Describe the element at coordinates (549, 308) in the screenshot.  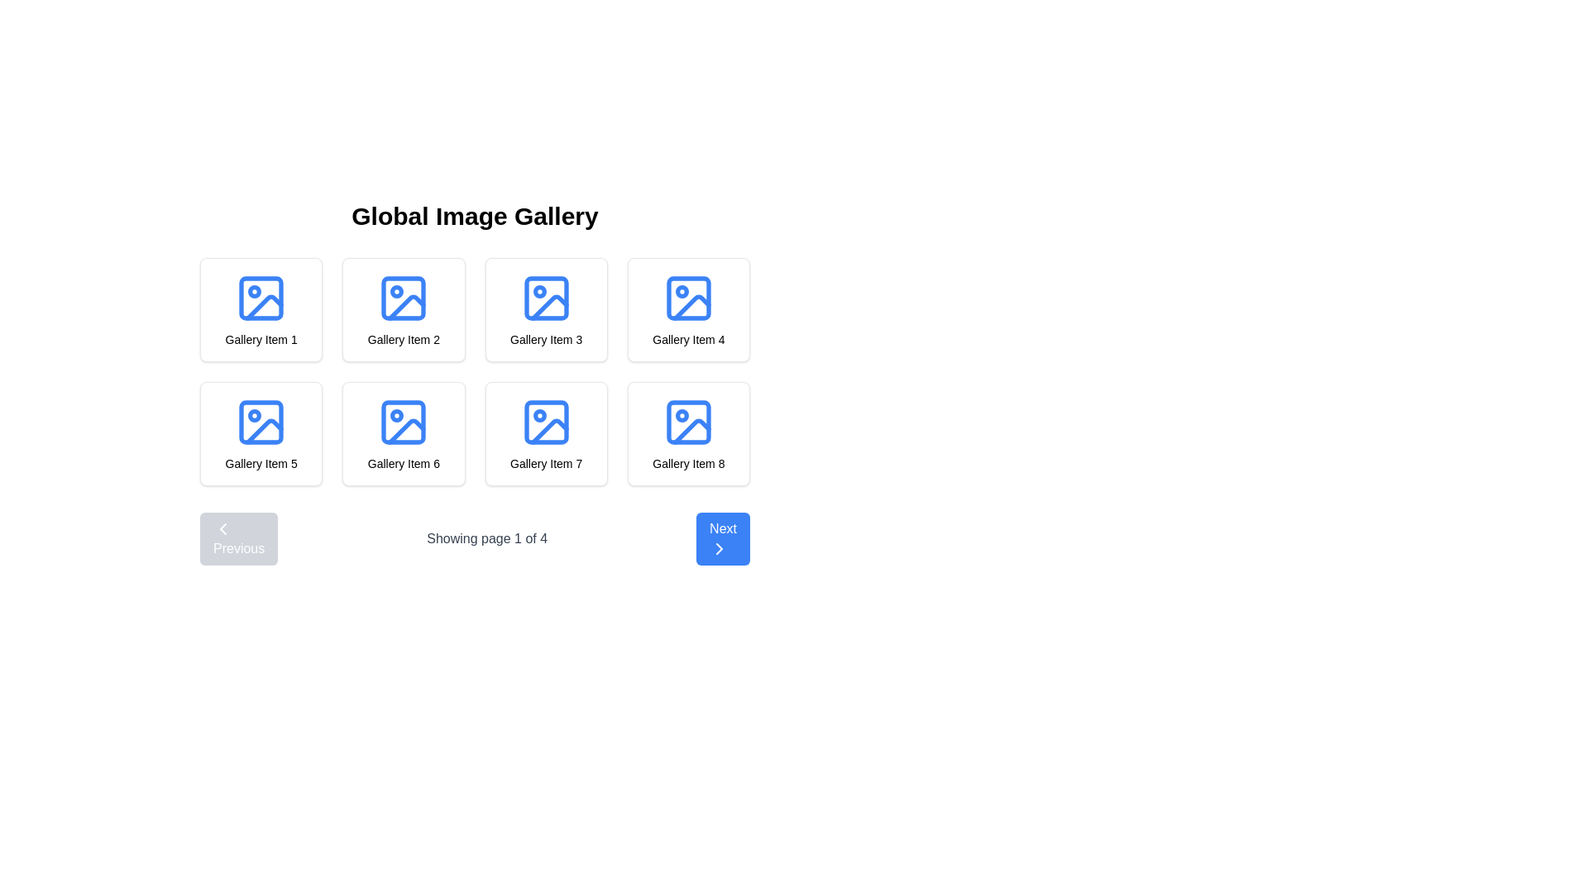
I see `triangular line shape element that is part of the SVG icon in the third tile of the first row of the image gallery grid` at that location.